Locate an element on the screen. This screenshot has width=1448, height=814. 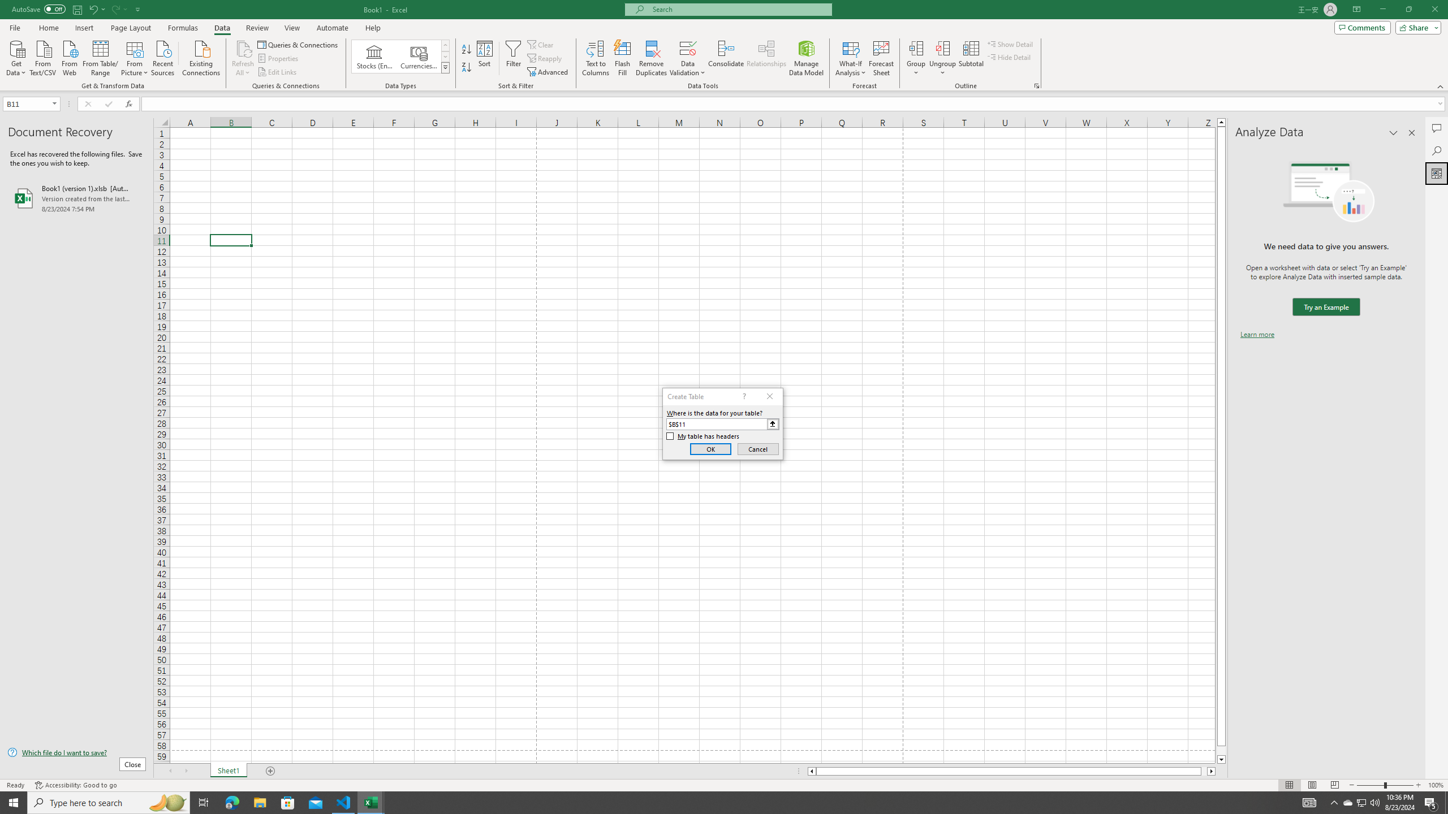
'Filter' is located at coordinates (512, 58).